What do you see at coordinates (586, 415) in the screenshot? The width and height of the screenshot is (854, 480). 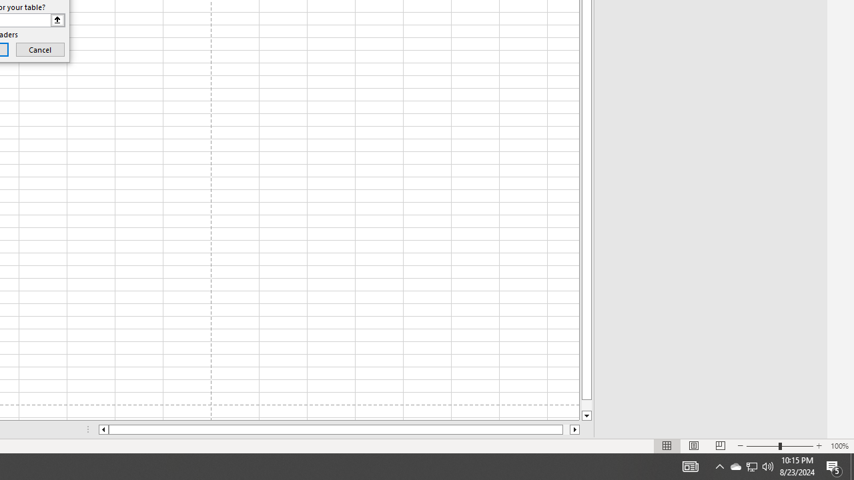 I see `'Line down'` at bounding box center [586, 415].